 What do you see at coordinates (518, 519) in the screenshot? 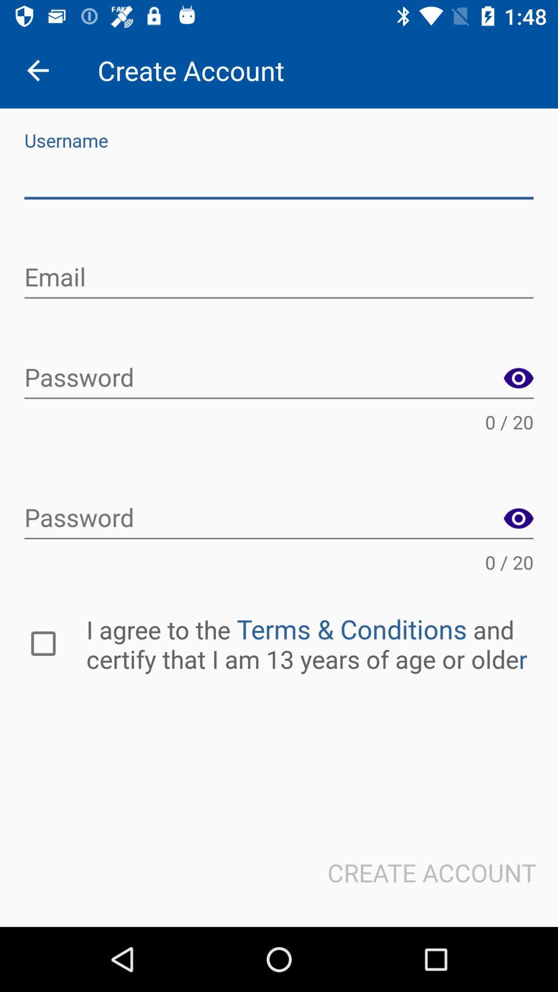
I see `password` at bounding box center [518, 519].